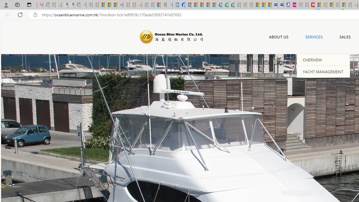 This screenshot has height=202, width=359. Describe the element at coordinates (323, 71) in the screenshot. I see `'YACHT MANAGEMENT'` at that location.